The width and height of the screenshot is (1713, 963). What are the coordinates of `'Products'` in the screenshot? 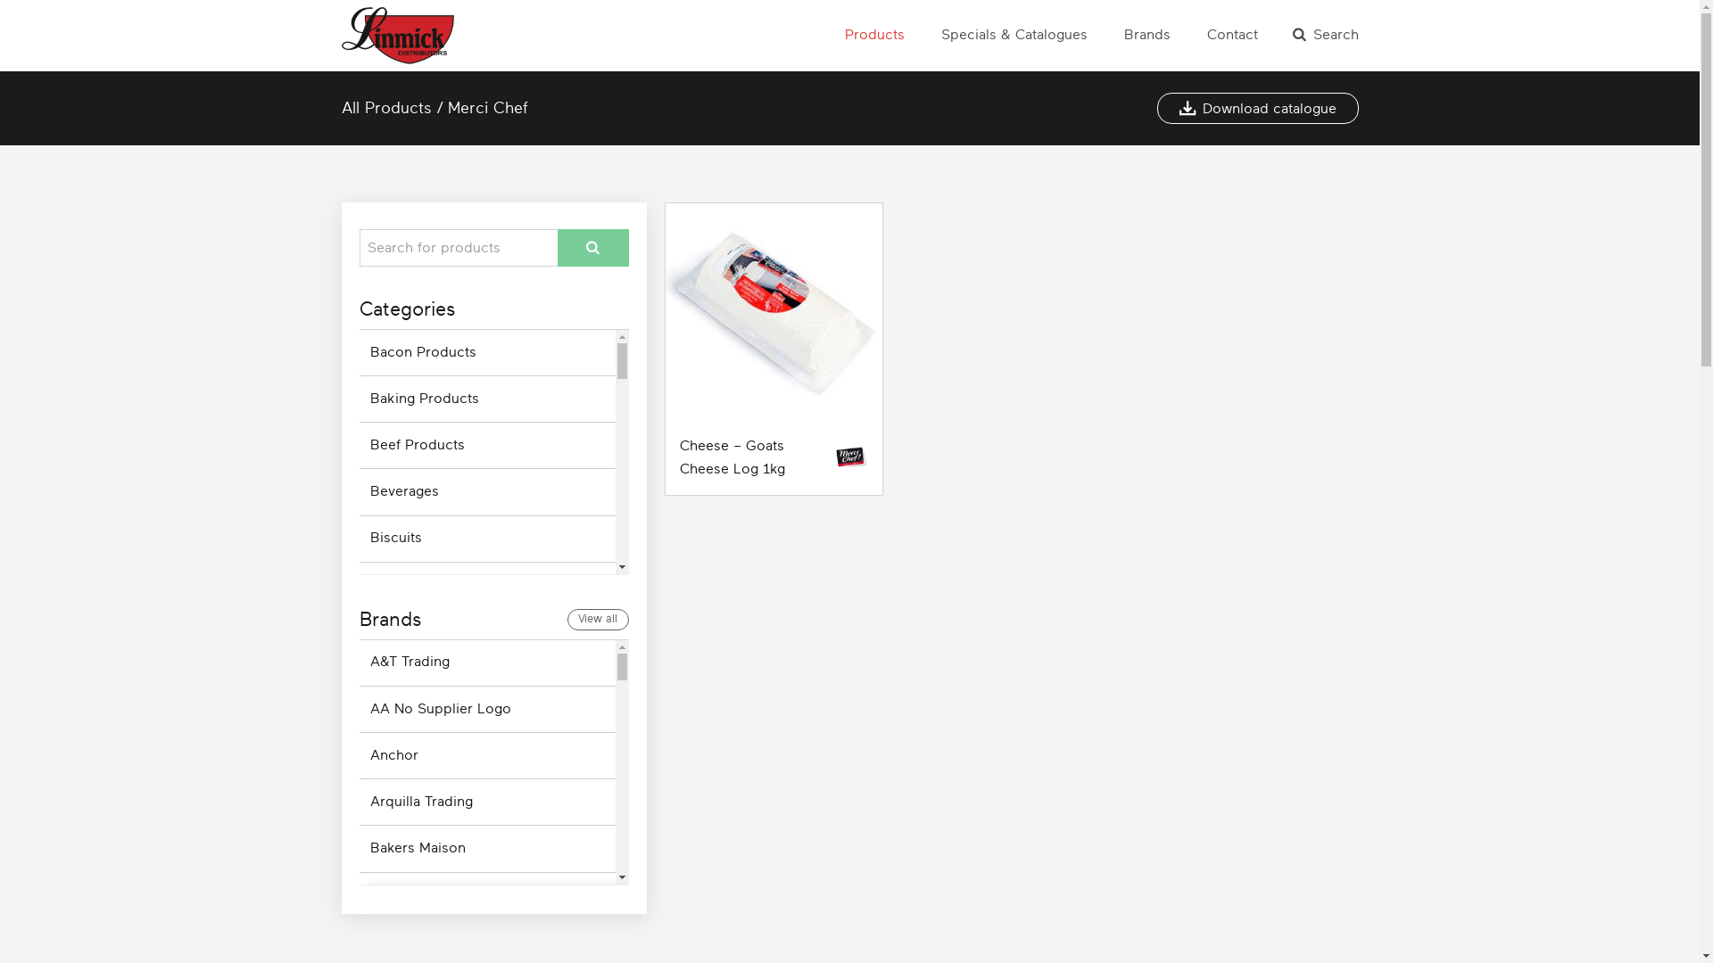 It's located at (841, 35).